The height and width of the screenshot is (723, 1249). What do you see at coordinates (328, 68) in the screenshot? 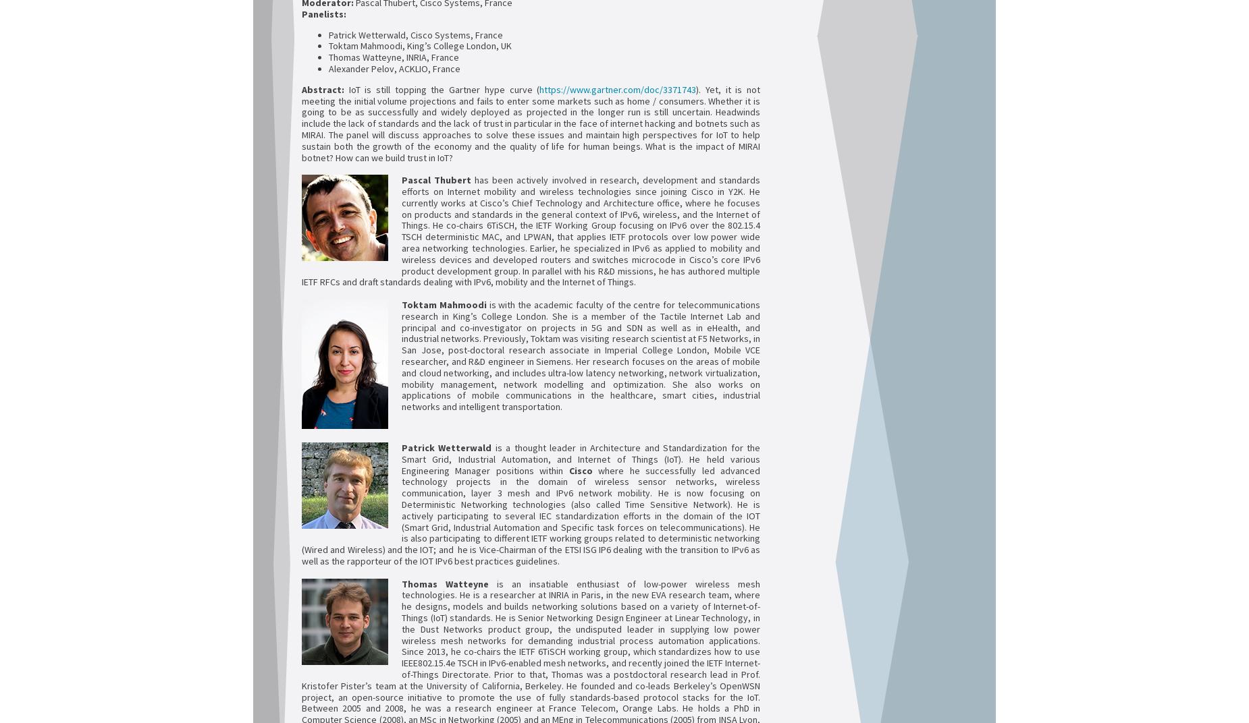
I see `'Alexander Pelov, ACKLIO, France'` at bounding box center [328, 68].